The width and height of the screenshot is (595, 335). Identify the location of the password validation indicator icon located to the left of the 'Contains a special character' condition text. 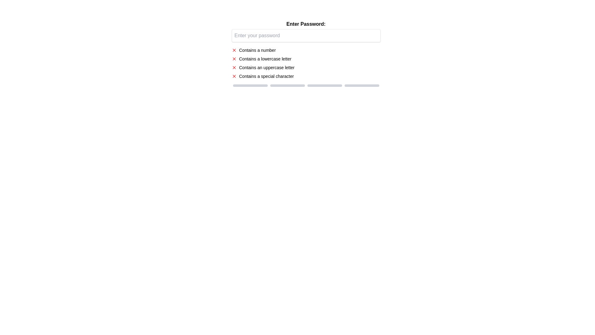
(234, 76).